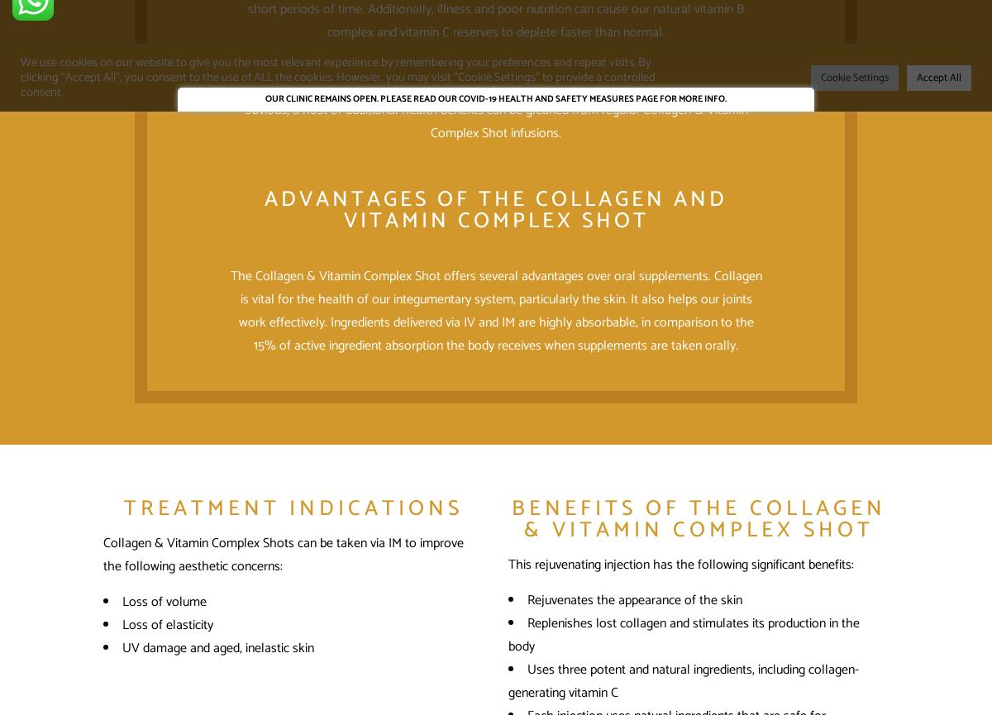  I want to click on 'Benefits of the Collagen & Vitamin Complex Shot', so click(697, 519).